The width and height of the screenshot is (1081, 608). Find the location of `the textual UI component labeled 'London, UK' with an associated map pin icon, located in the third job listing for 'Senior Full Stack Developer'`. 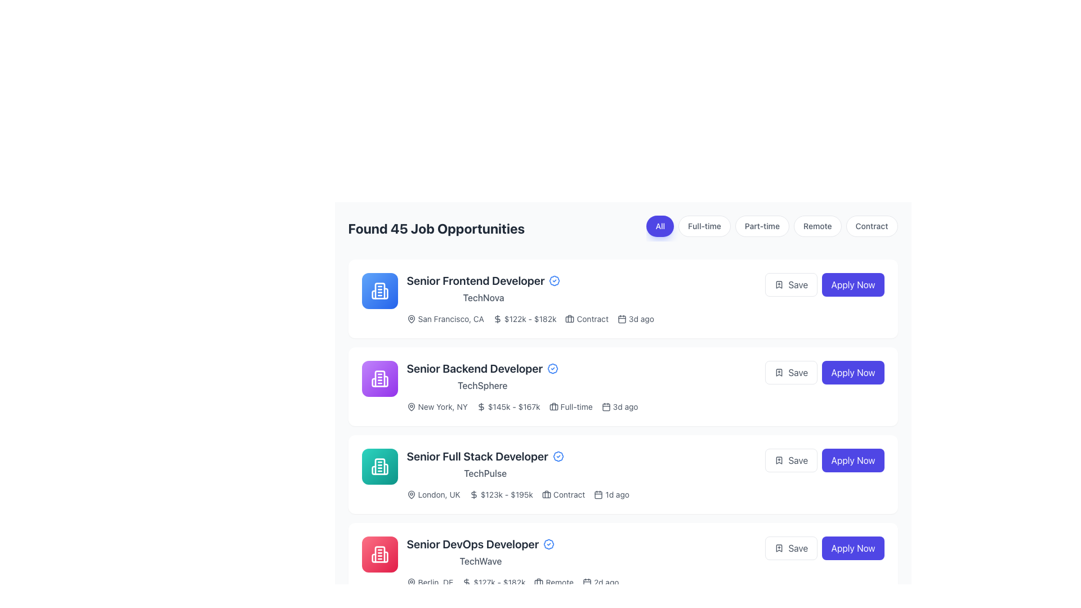

the textual UI component labeled 'London, UK' with an associated map pin icon, located in the third job listing for 'Senior Full Stack Developer' is located at coordinates (433, 494).